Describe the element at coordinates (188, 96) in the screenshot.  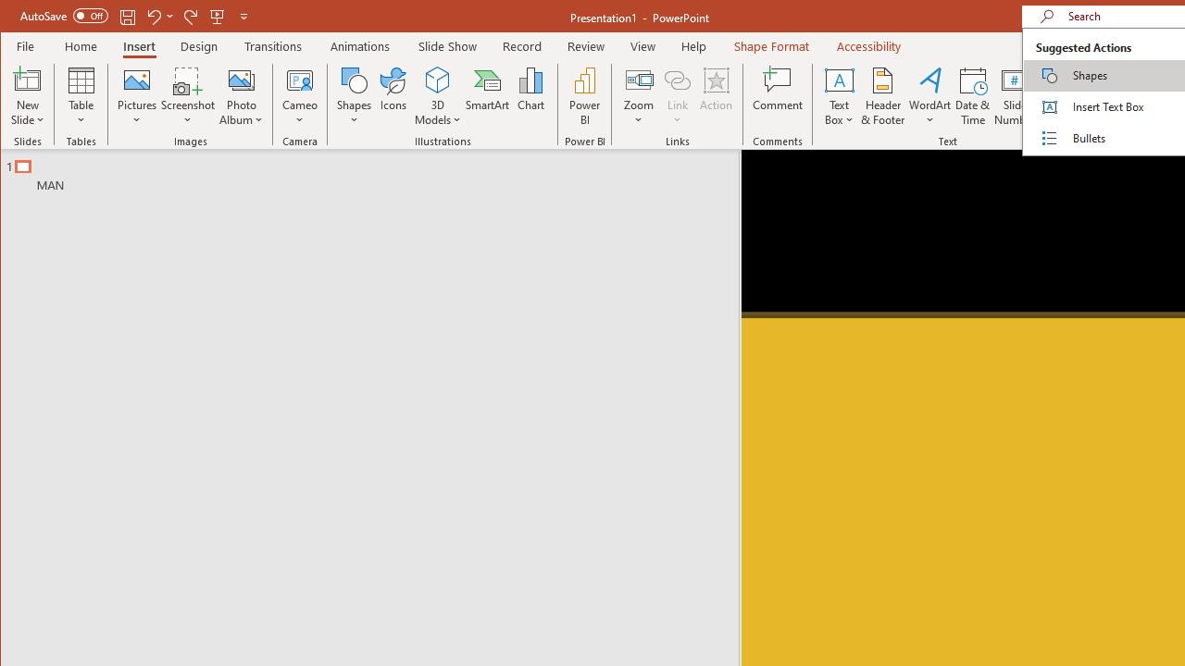
I see `'Screenshot'` at that location.